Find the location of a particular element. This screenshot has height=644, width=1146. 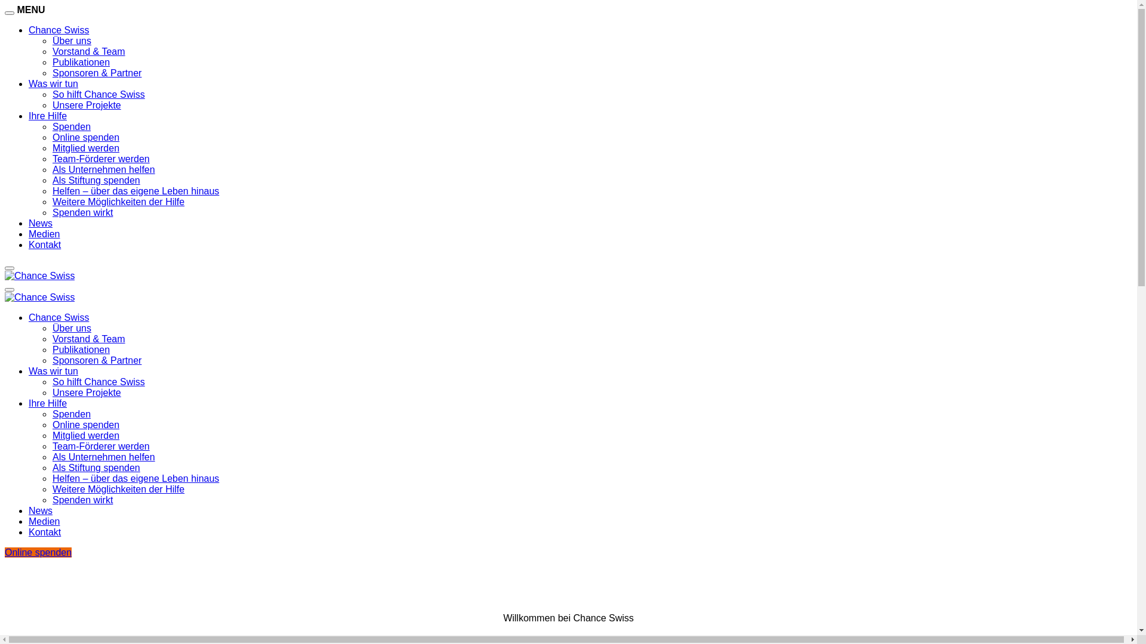

'So hilft Chance Swiss' is located at coordinates (98, 382).